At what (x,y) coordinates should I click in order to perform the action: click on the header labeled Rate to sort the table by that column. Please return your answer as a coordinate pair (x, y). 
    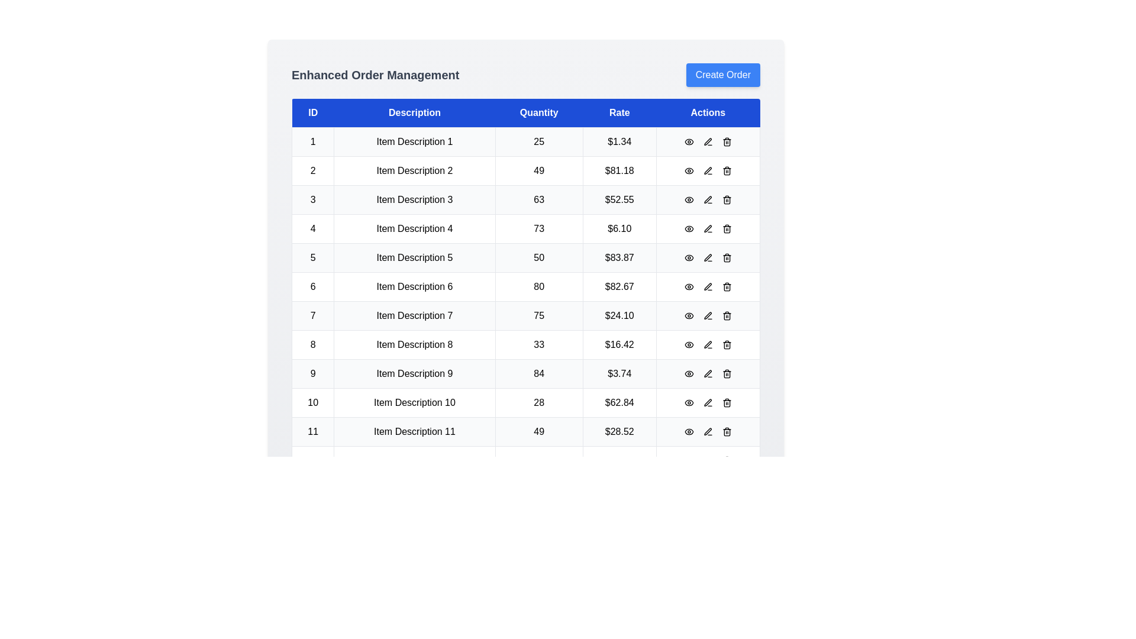
    Looking at the image, I should click on (618, 113).